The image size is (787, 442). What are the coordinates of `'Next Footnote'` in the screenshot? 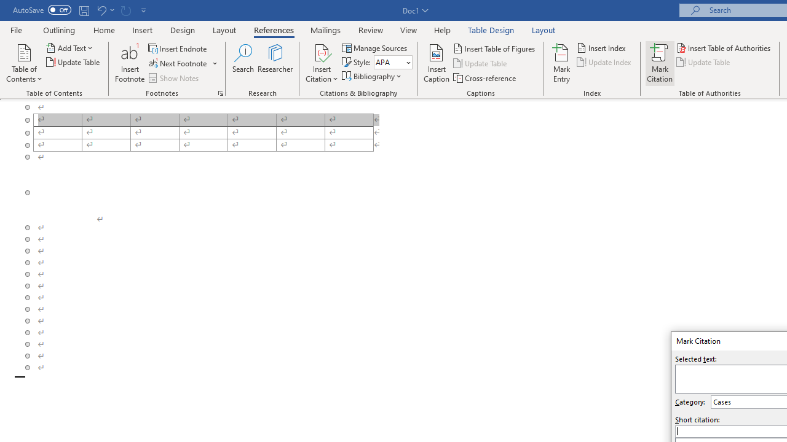 It's located at (178, 63).